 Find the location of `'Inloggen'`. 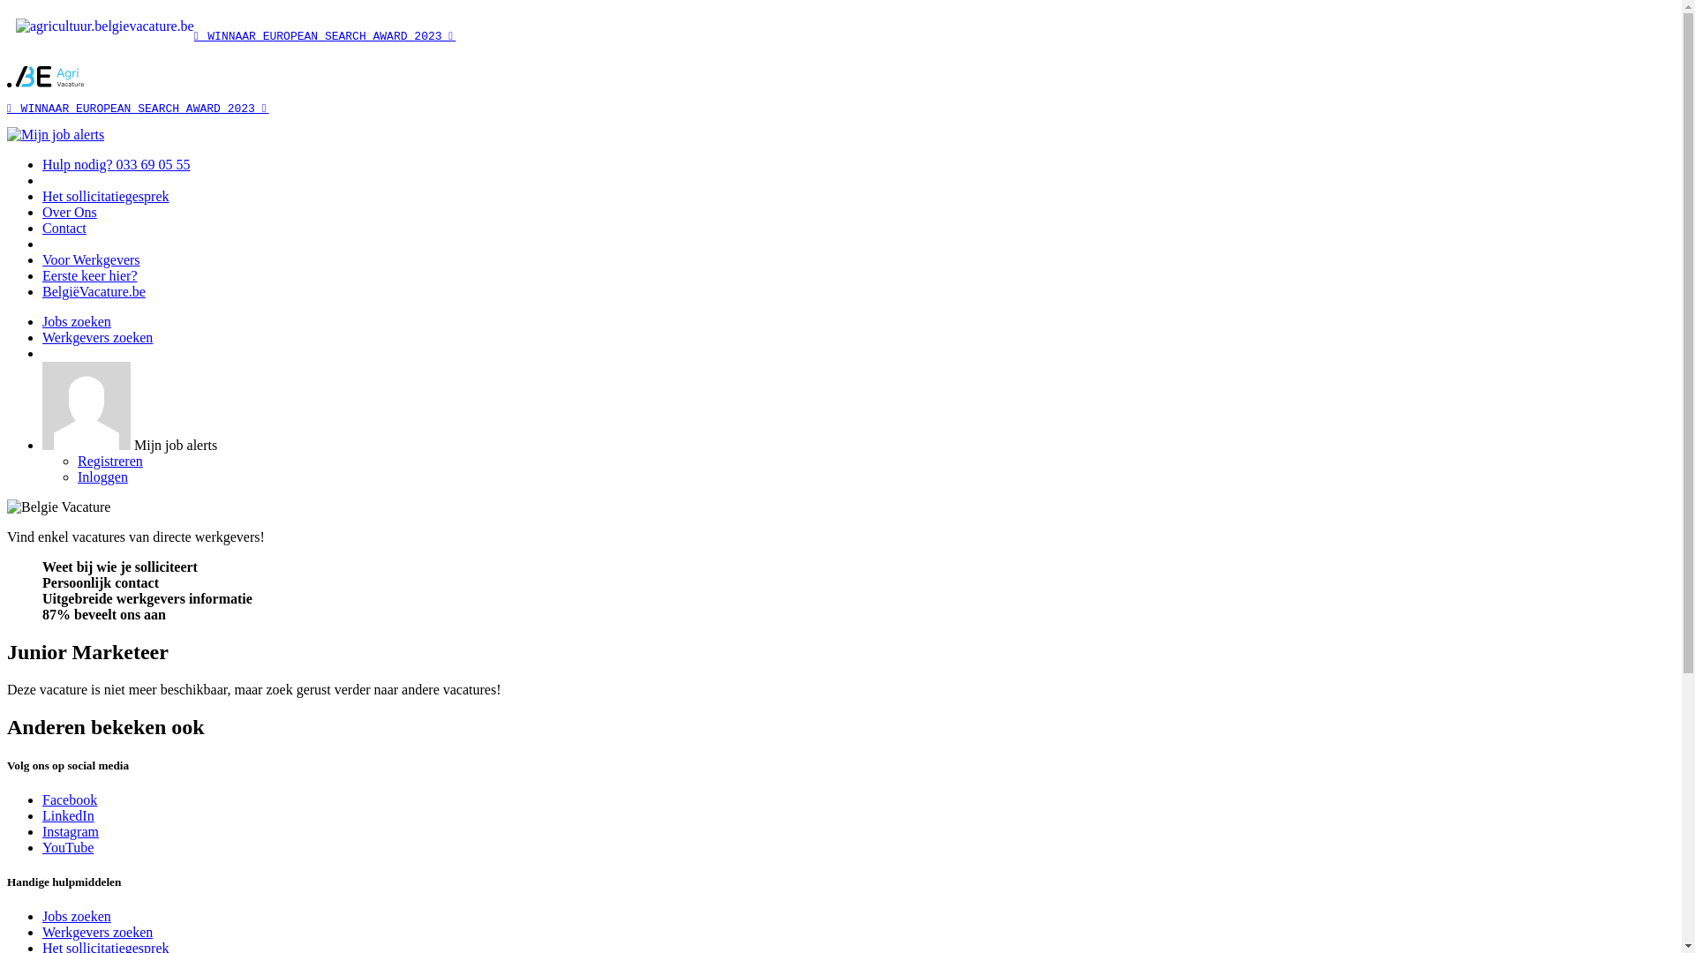

'Inloggen' is located at coordinates (102, 476).